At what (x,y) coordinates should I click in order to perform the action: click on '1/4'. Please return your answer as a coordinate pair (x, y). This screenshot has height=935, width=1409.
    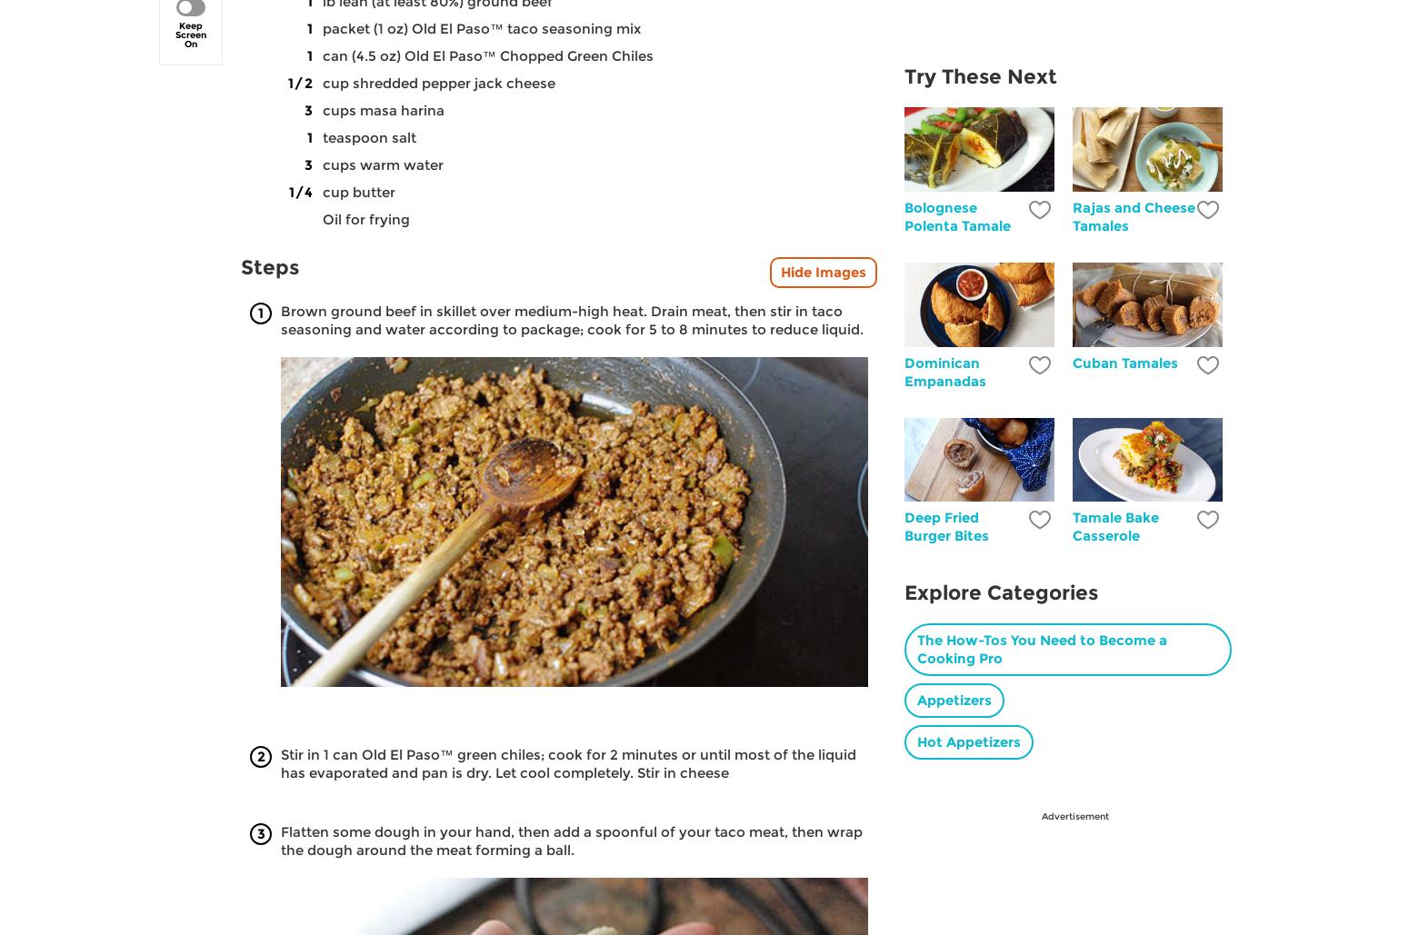
    Looking at the image, I should click on (299, 191).